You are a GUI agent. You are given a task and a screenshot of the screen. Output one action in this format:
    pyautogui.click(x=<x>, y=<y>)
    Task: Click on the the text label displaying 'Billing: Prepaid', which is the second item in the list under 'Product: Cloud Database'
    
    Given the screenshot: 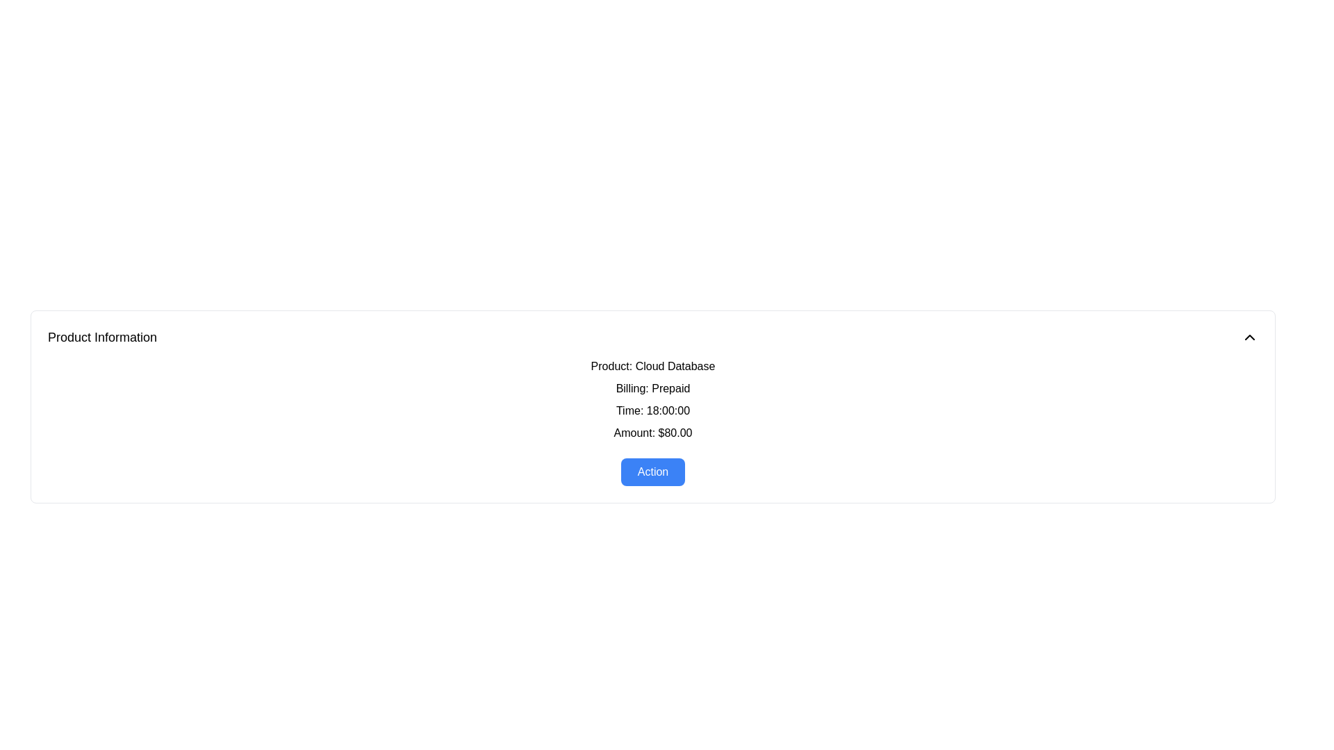 What is the action you would take?
    pyautogui.click(x=652, y=388)
    